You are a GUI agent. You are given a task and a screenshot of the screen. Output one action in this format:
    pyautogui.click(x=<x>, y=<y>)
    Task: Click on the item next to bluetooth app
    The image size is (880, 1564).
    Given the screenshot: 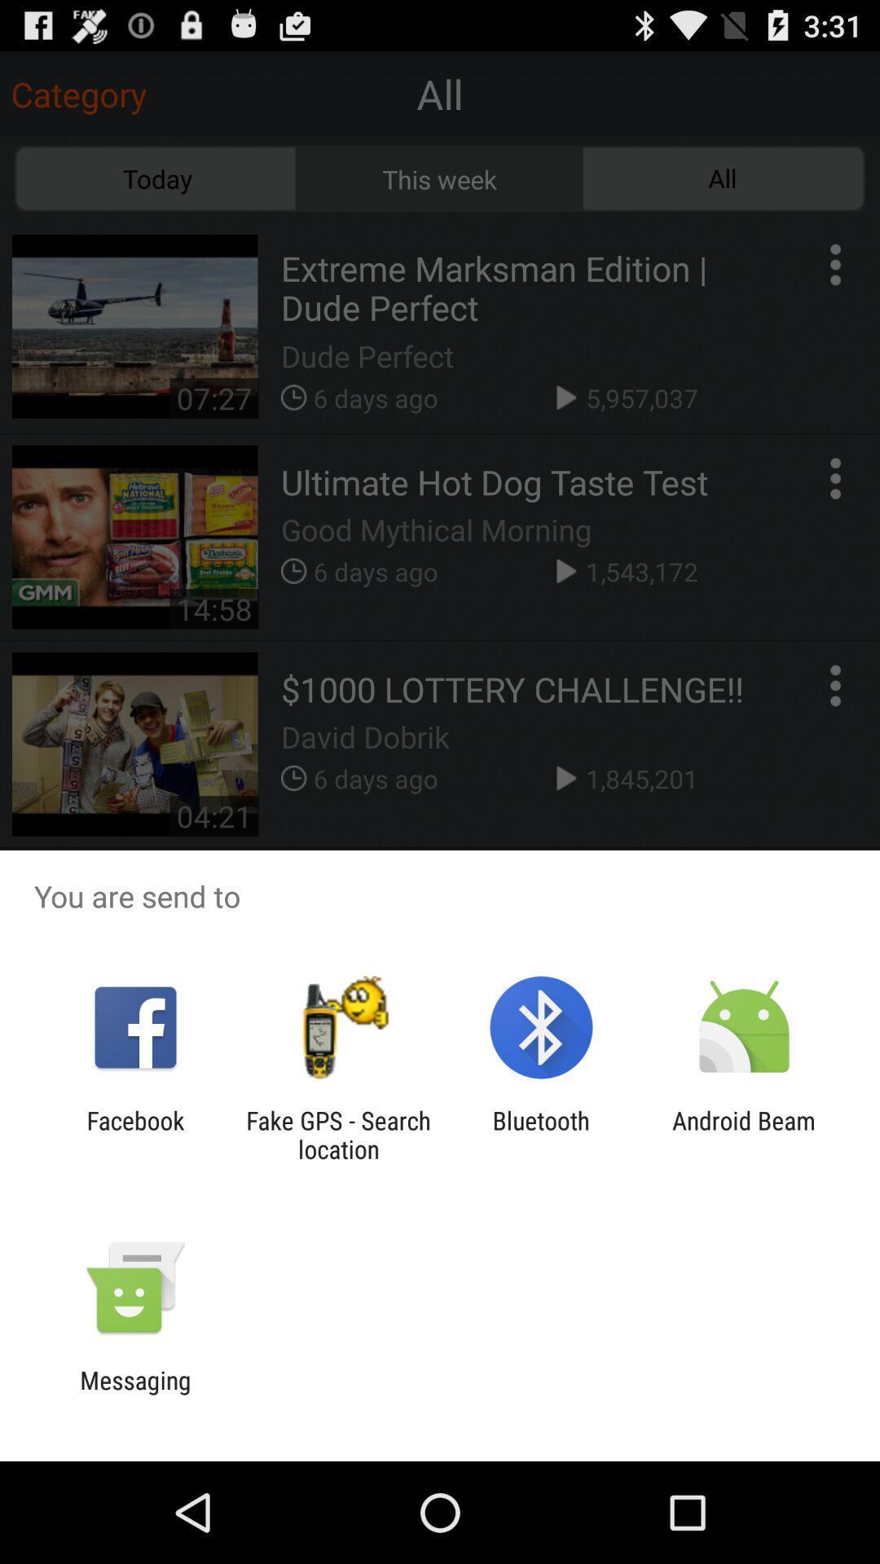 What is the action you would take?
    pyautogui.click(x=337, y=1134)
    